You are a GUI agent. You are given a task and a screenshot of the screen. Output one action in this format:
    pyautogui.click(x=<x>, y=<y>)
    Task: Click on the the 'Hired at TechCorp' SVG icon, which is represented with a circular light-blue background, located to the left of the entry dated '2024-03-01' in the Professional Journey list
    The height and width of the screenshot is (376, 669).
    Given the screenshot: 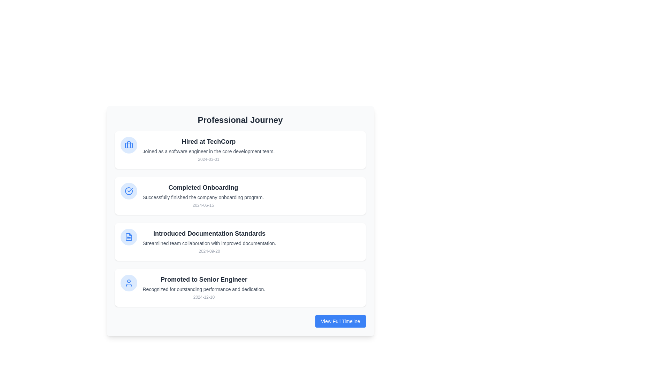 What is the action you would take?
    pyautogui.click(x=129, y=144)
    